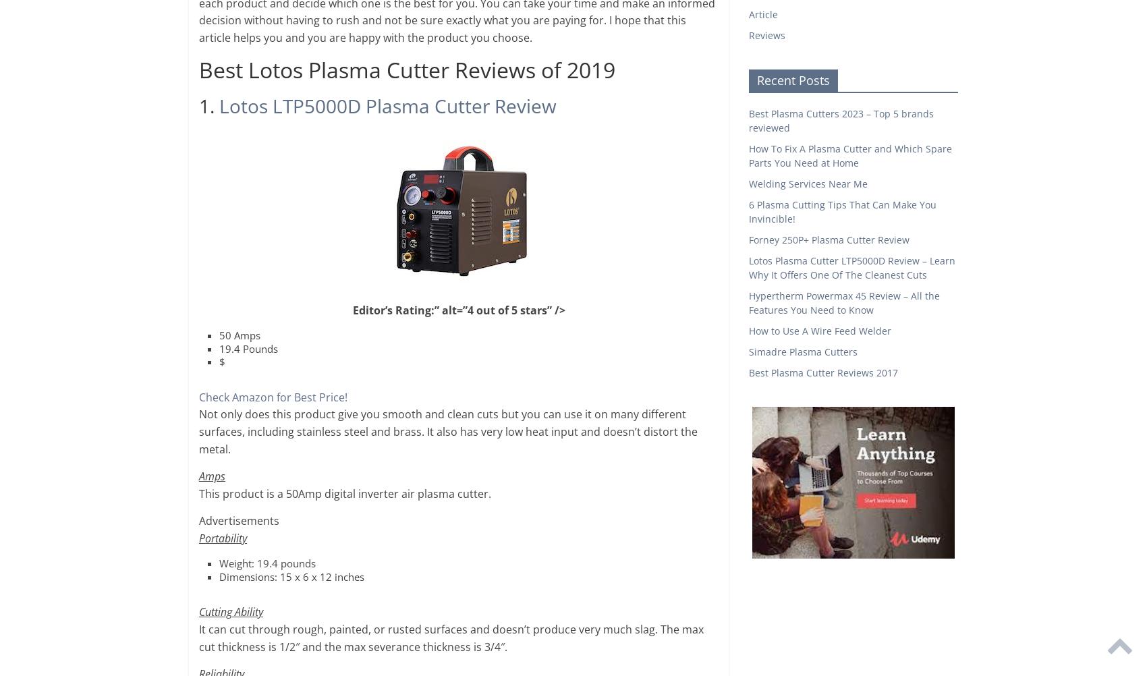 The width and height of the screenshot is (1147, 676). Describe the element at coordinates (267, 562) in the screenshot. I see `'Weight: 19.4 pounds'` at that location.